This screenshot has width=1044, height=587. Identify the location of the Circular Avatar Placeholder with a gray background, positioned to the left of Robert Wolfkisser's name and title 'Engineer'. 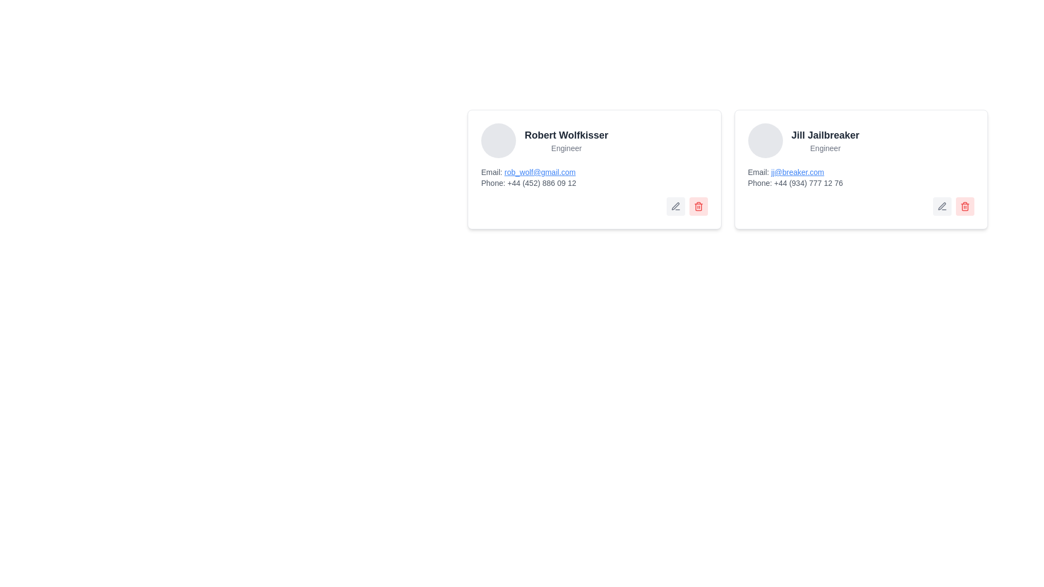
(498, 140).